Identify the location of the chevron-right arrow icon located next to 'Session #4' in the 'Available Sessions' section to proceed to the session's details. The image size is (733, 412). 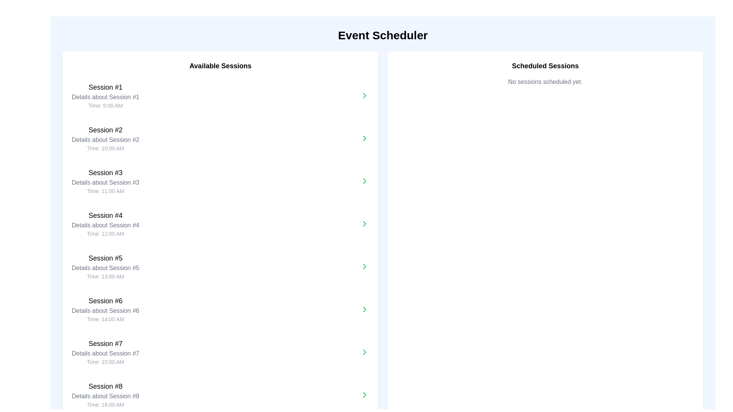
(364, 223).